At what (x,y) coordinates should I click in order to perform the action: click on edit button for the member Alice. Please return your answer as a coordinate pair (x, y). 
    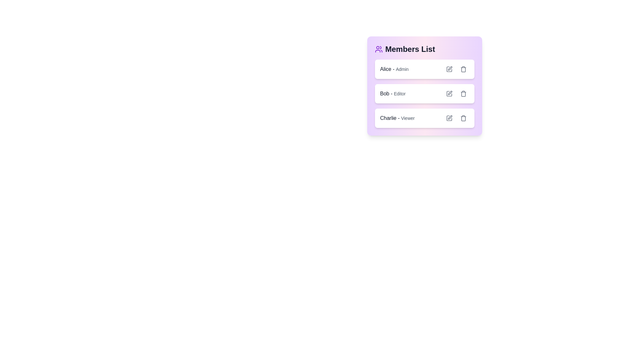
    Looking at the image, I should click on (449, 69).